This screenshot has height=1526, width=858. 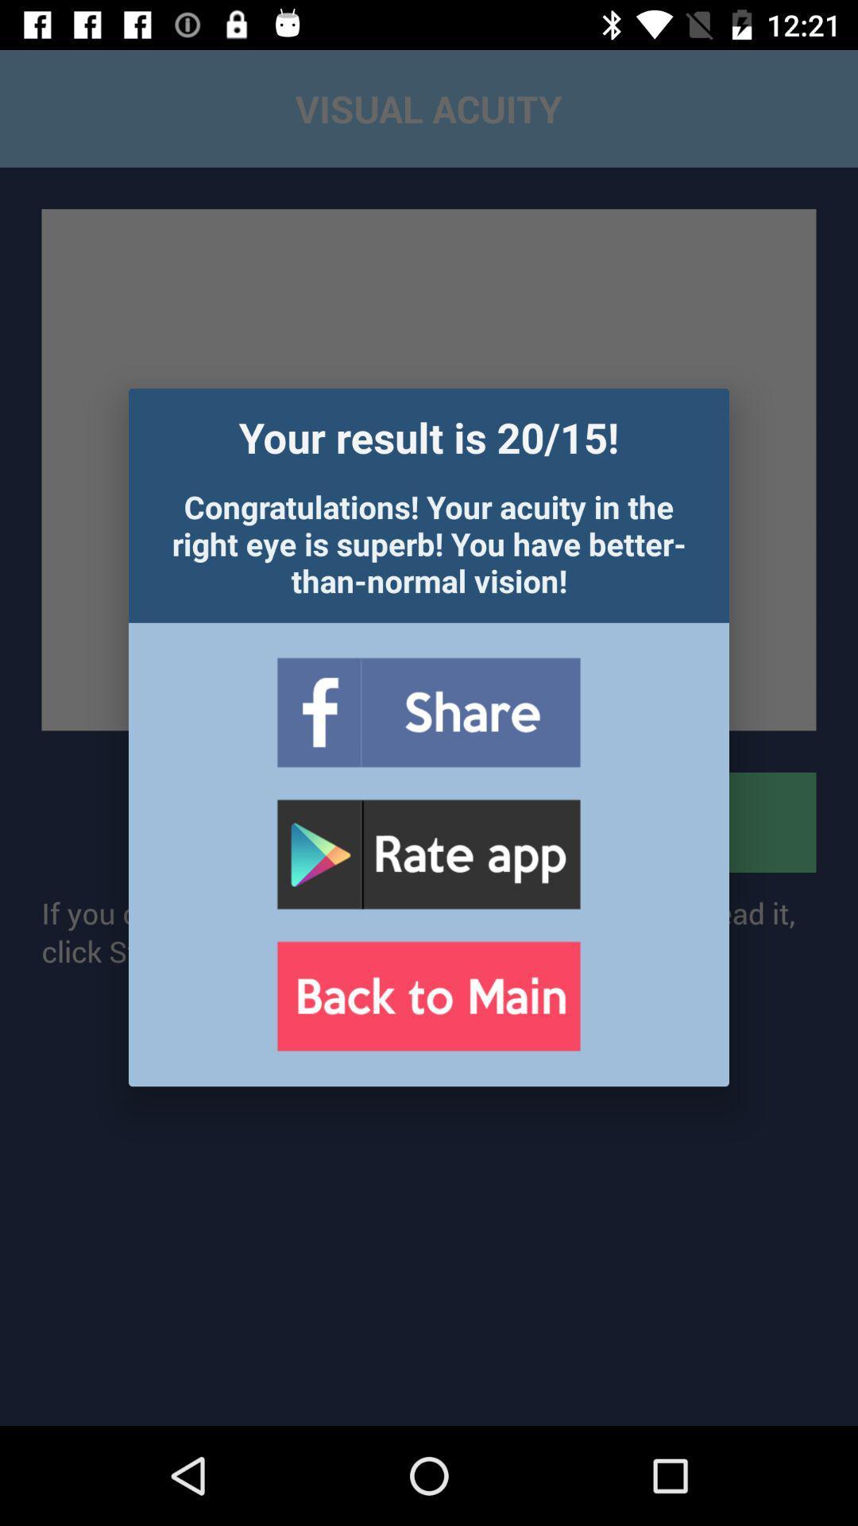 What do you see at coordinates (427, 995) in the screenshot?
I see `back to main` at bounding box center [427, 995].